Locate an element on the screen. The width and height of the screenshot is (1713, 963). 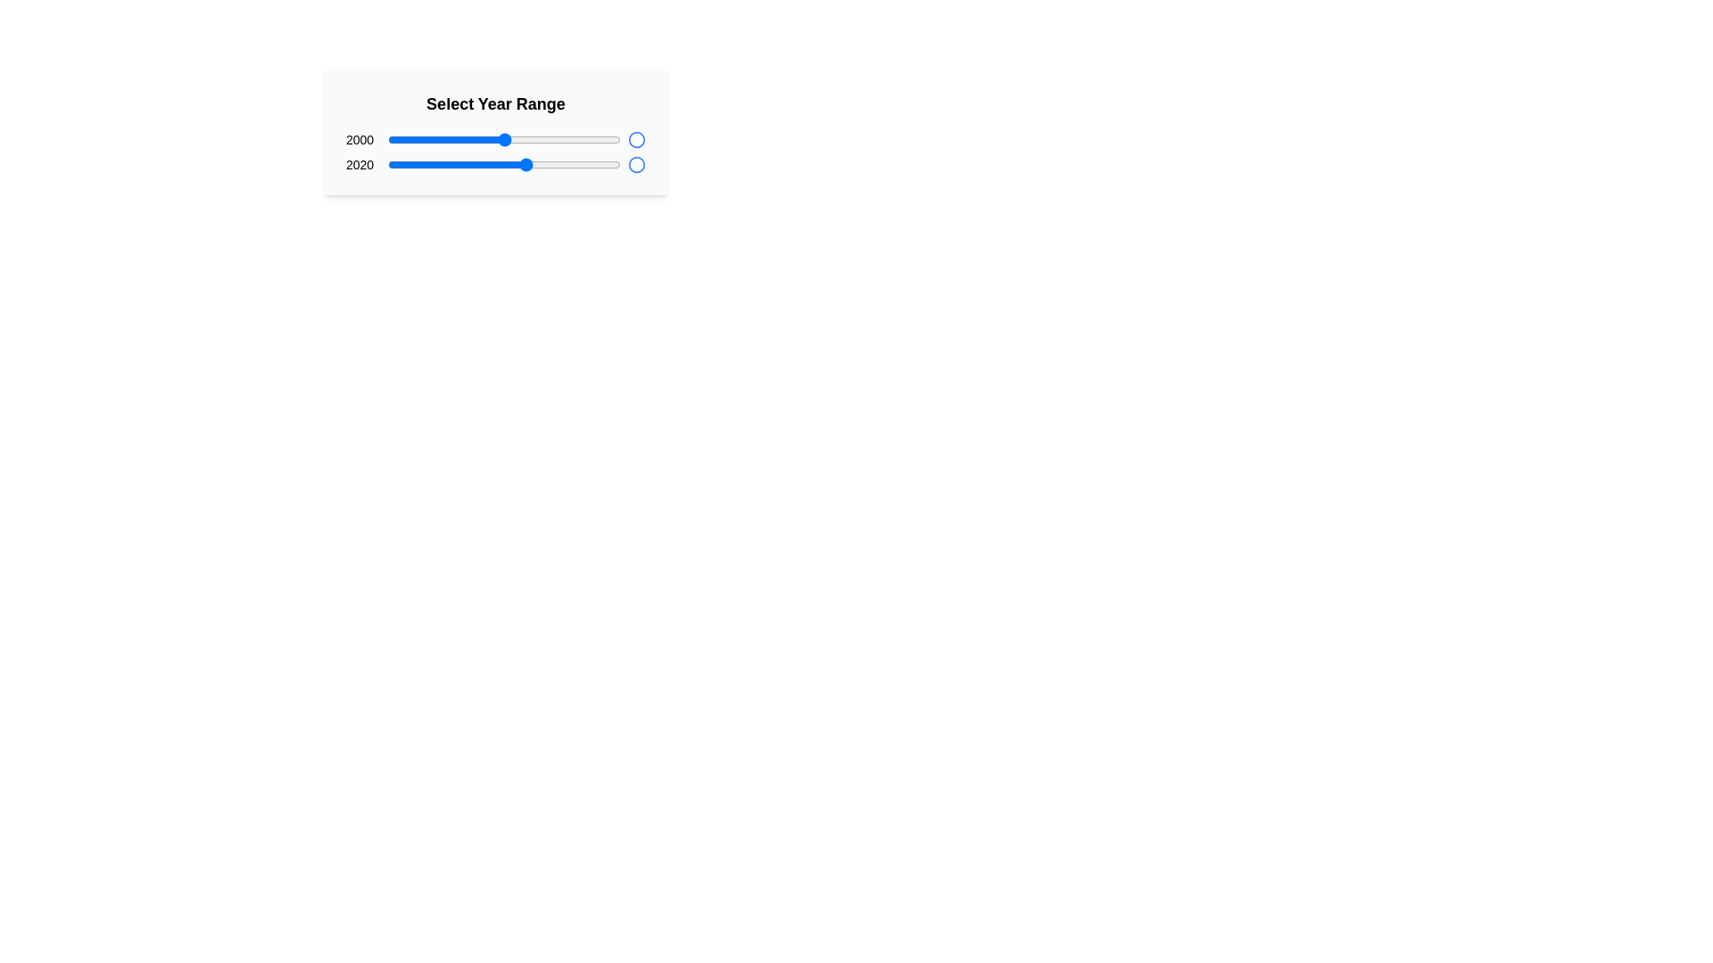
the year slider is located at coordinates (418, 165).